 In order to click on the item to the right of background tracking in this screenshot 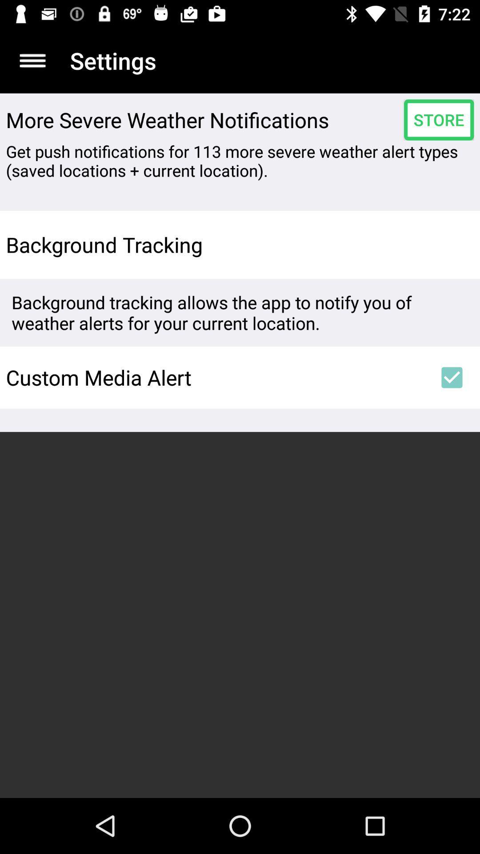, I will do `click(452, 245)`.